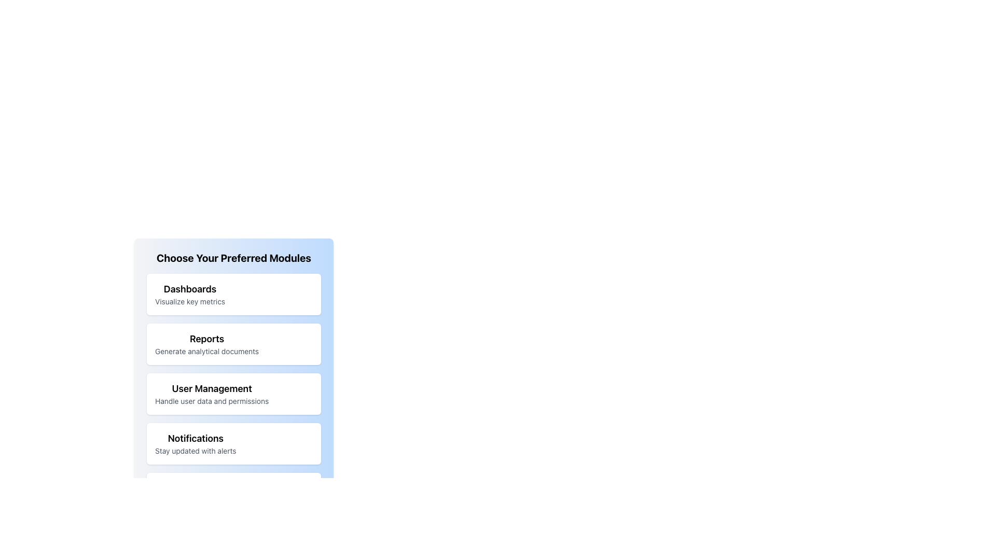 The image size is (996, 560). I want to click on the descriptive text label that provides additional information about the 'User Management' feature, which is located beneath the title 'User Management', so click(211, 401).